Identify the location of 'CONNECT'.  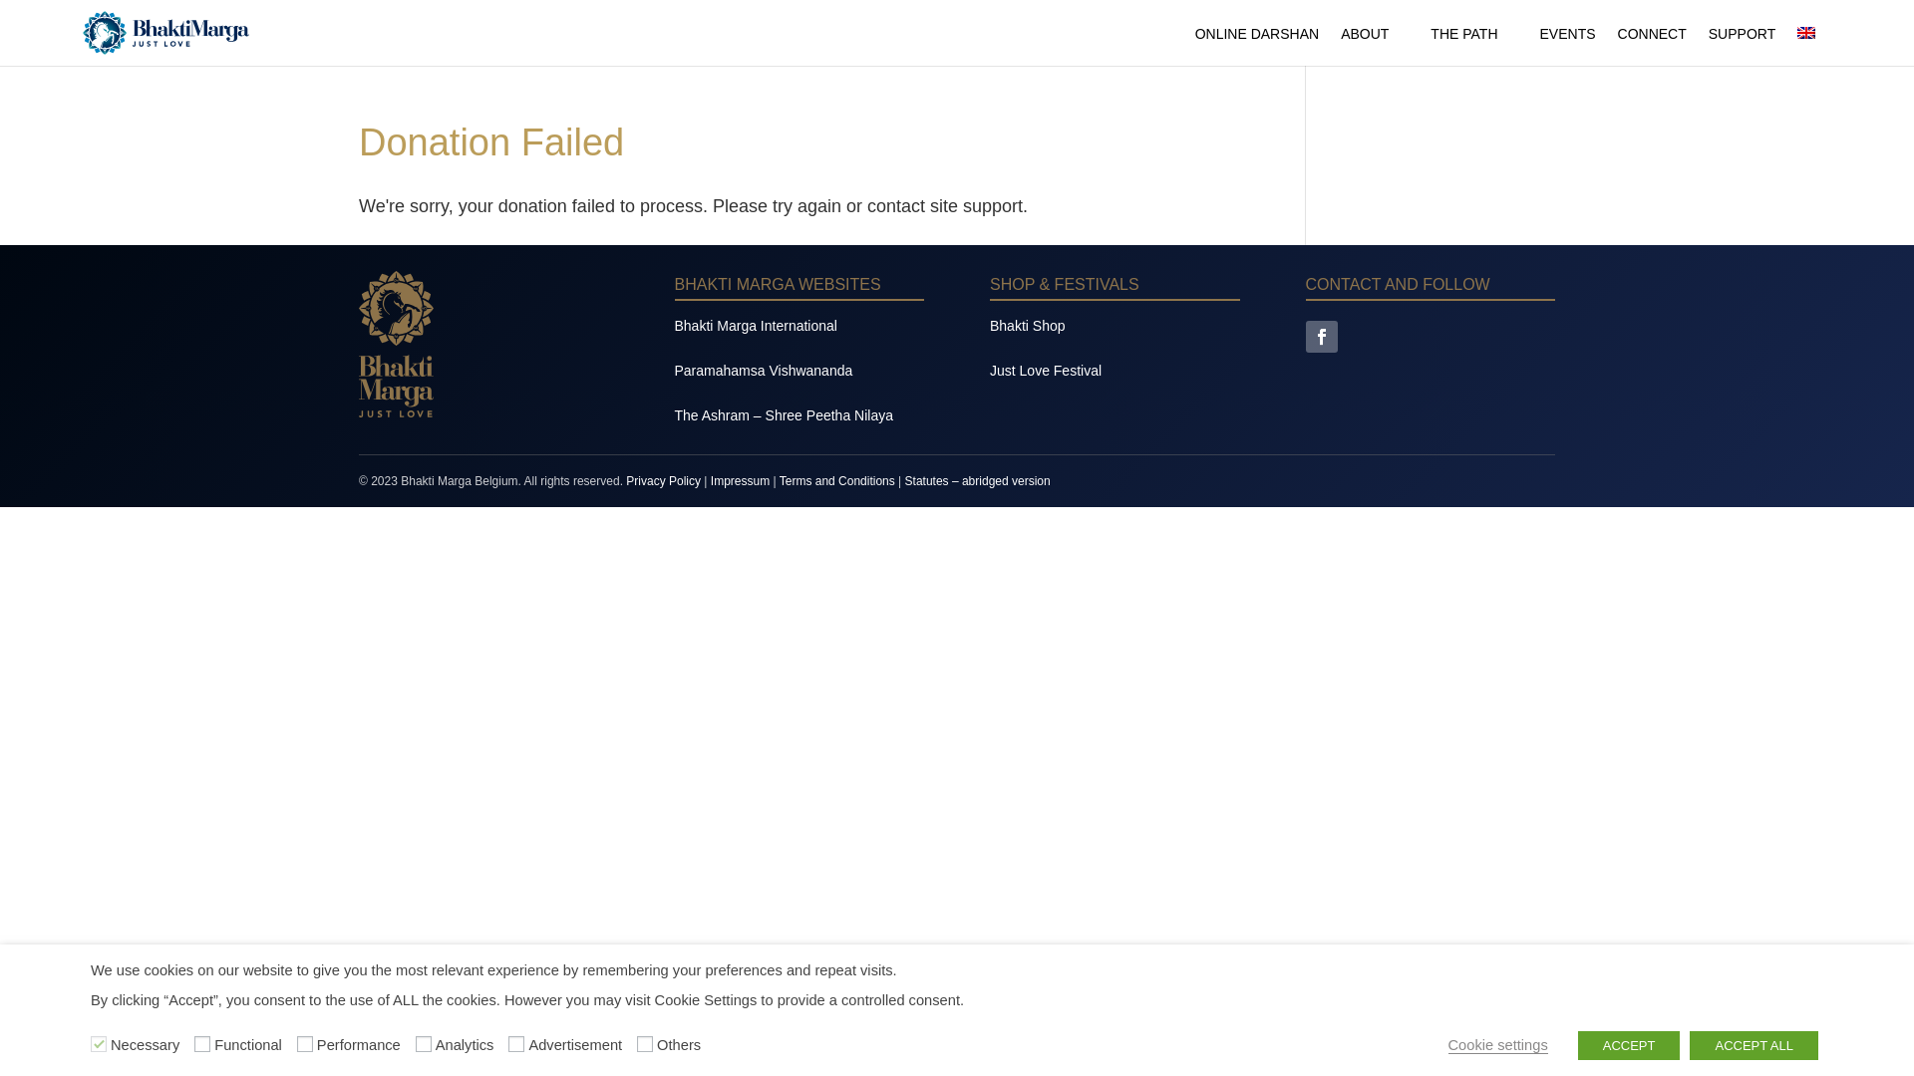
(1617, 45).